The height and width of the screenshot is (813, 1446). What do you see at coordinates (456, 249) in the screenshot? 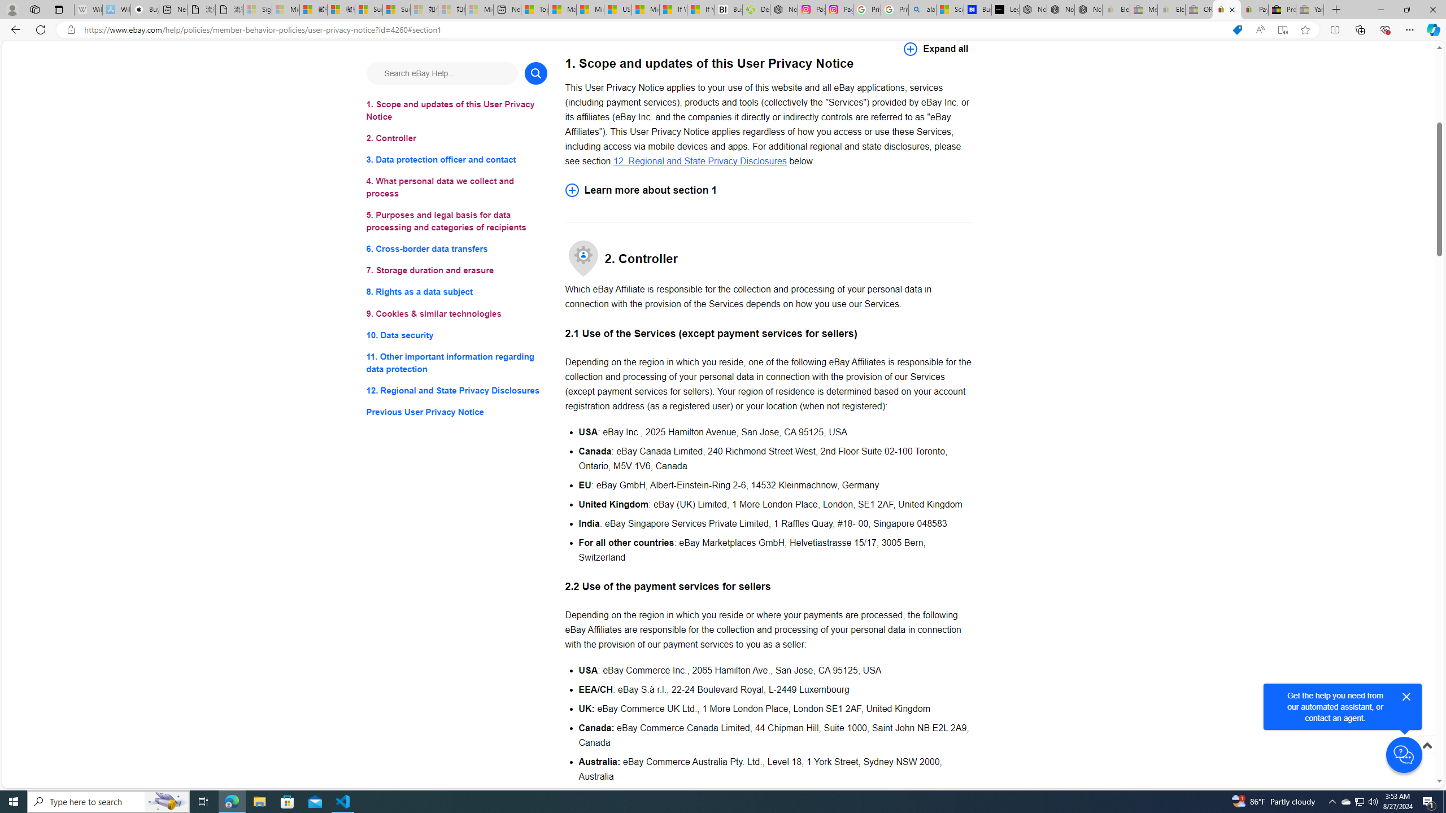
I see `'6. Cross-border data transfers'` at bounding box center [456, 249].